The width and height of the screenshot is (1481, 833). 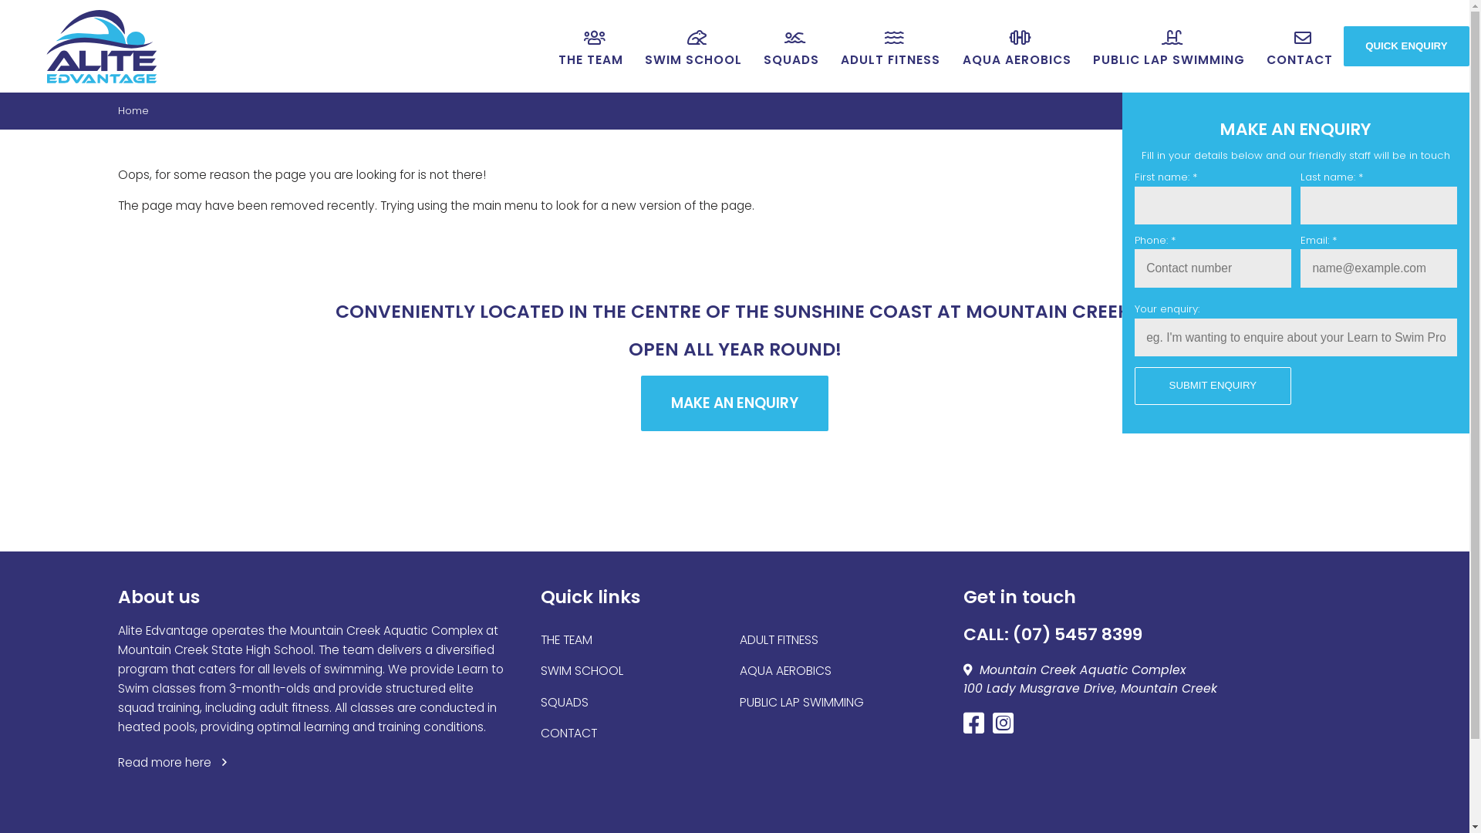 I want to click on 'CONTACT', so click(x=1260, y=46).